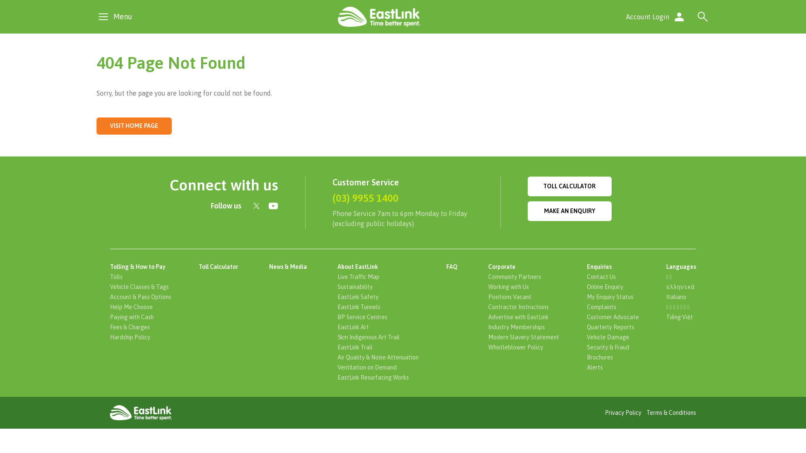 Image resolution: width=806 pixels, height=453 pixels. What do you see at coordinates (521, 307) in the screenshot?
I see `'Contractor Instructions'` at bounding box center [521, 307].